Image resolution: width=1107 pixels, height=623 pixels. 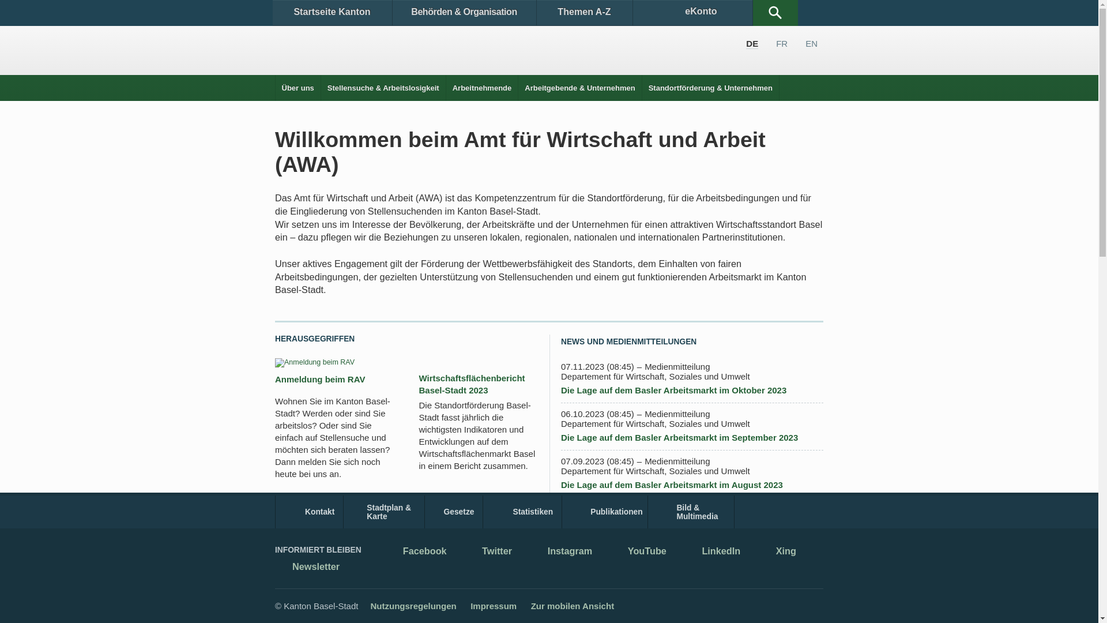 I want to click on 'Arbeitnehmende', so click(x=445, y=87).